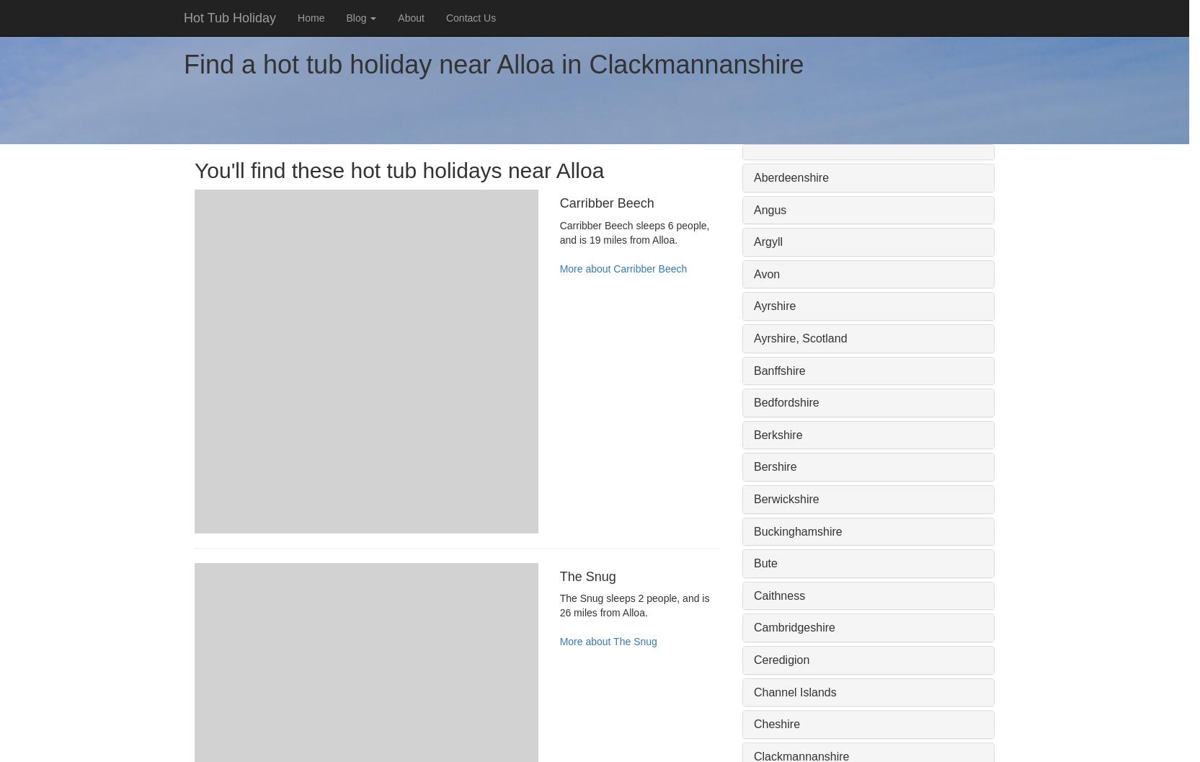  What do you see at coordinates (409, 18) in the screenshot?
I see `'About'` at bounding box center [409, 18].